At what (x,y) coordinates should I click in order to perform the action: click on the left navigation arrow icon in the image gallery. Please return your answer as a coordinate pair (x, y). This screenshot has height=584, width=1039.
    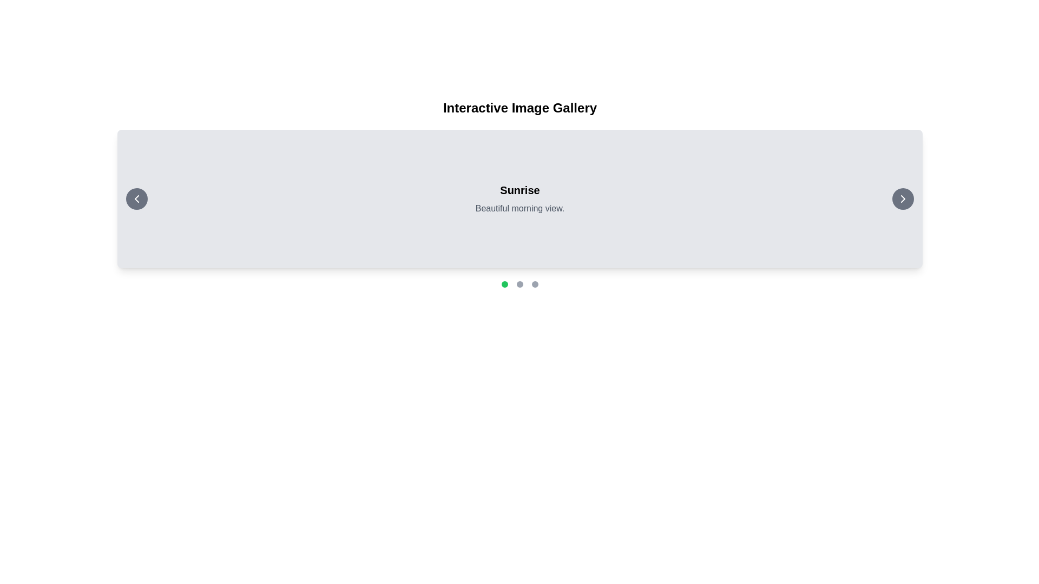
    Looking at the image, I should click on (136, 198).